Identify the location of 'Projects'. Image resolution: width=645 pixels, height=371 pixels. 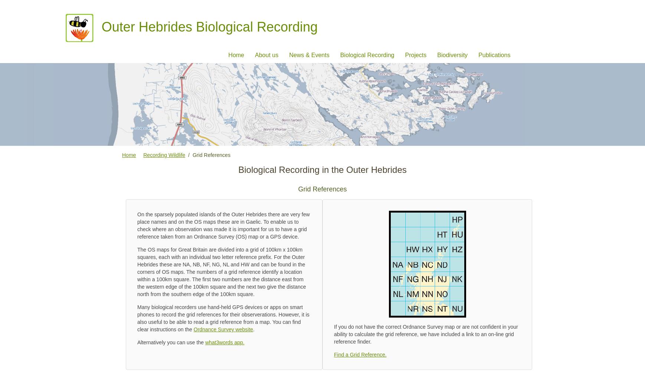
(415, 55).